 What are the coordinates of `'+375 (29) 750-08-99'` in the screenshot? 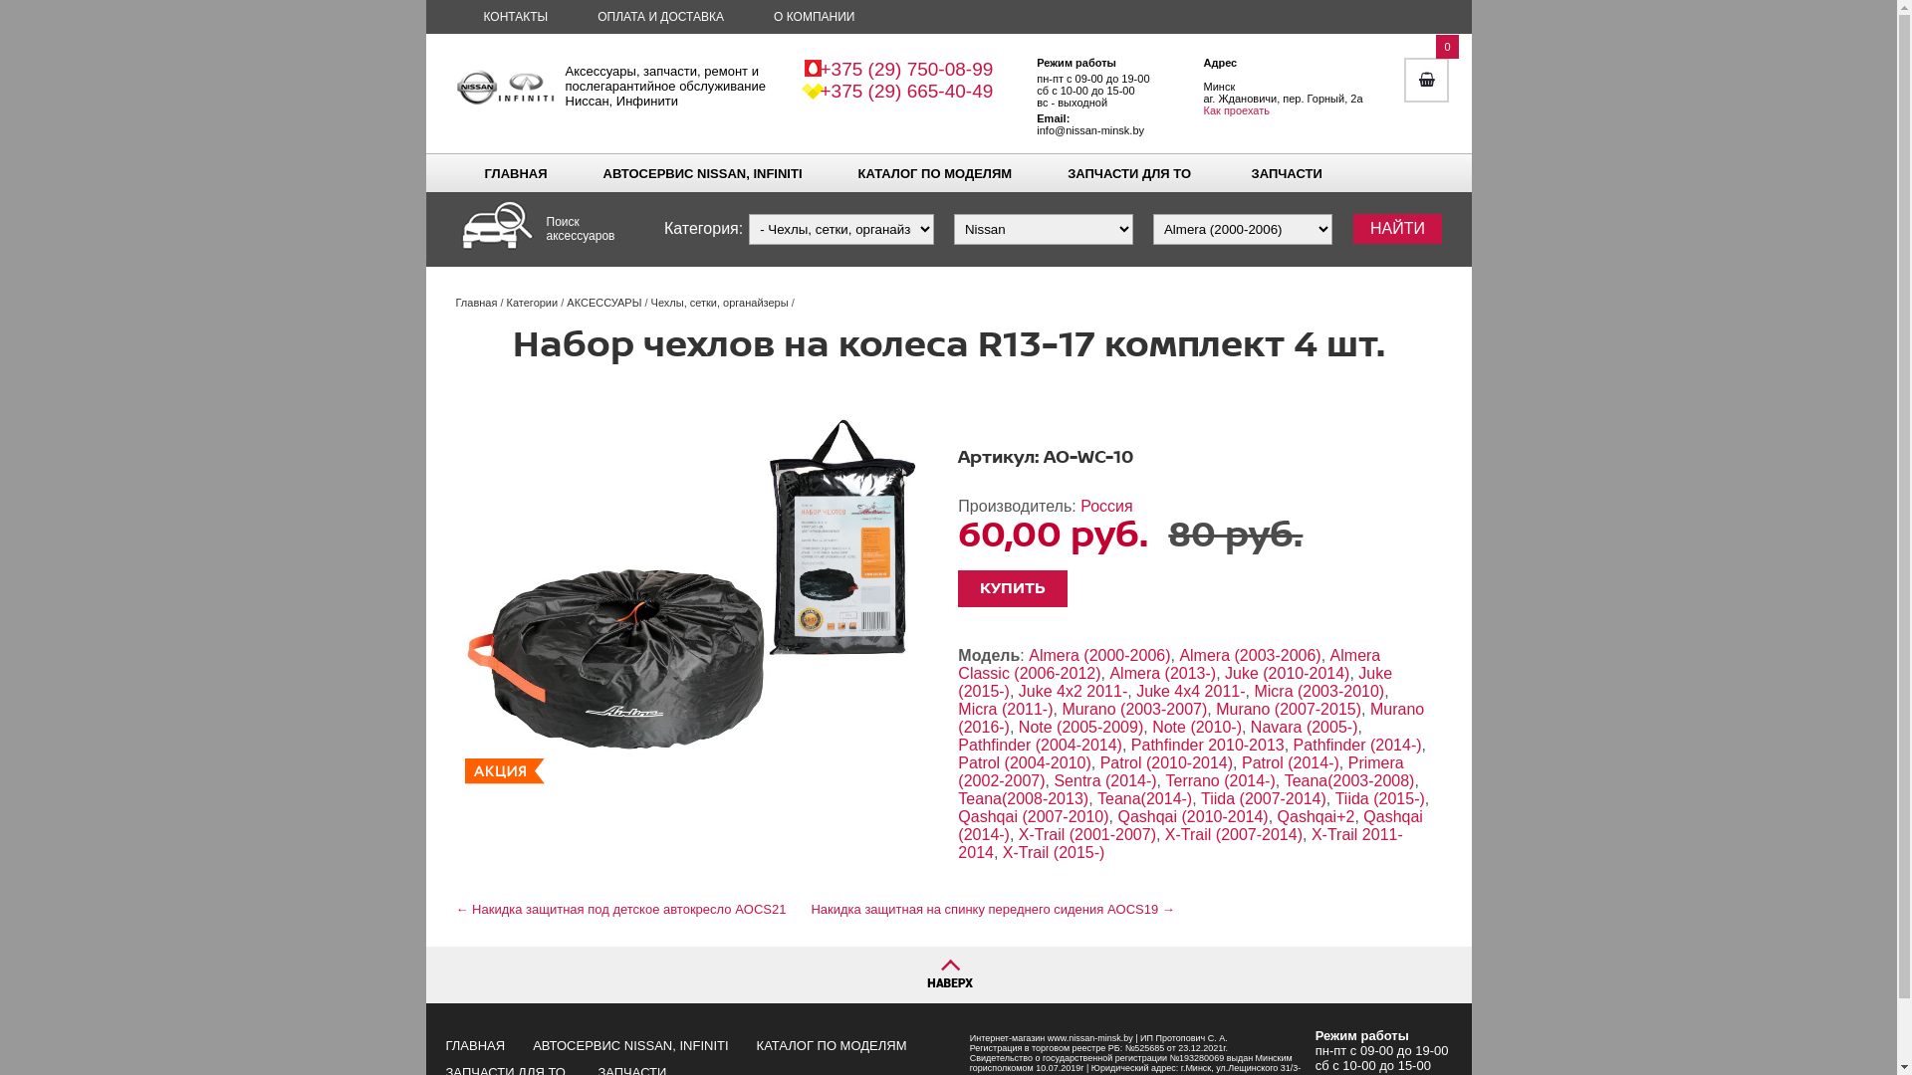 It's located at (906, 68).